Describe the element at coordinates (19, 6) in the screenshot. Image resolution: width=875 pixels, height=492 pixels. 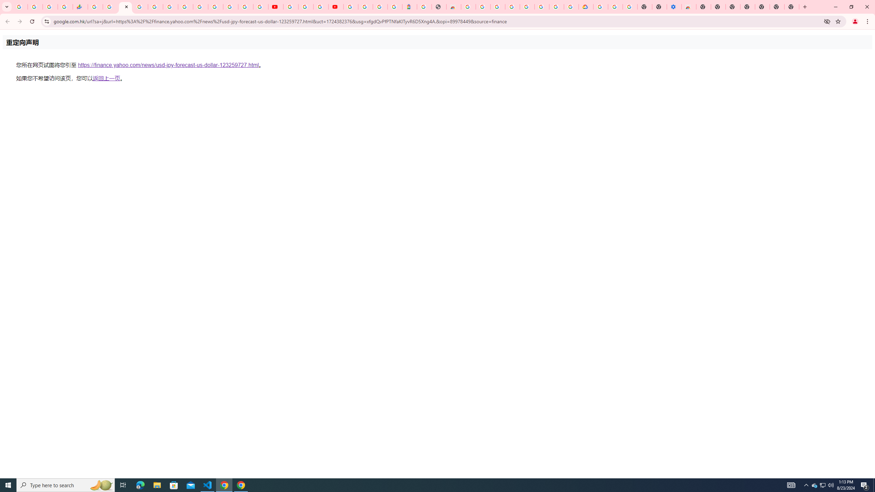
I see `'Google Workspace Admin Community'` at that location.